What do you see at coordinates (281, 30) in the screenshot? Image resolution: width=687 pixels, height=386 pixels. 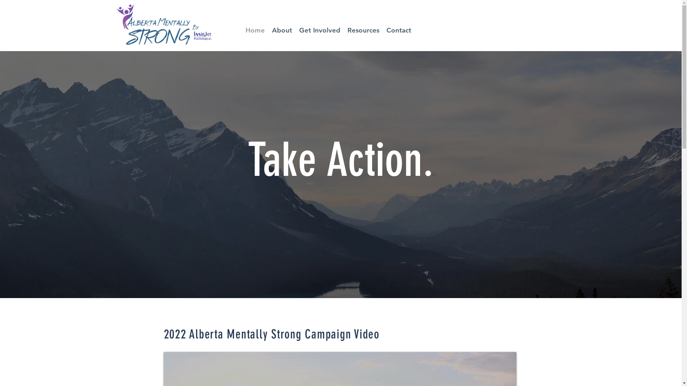 I see `'About'` at bounding box center [281, 30].